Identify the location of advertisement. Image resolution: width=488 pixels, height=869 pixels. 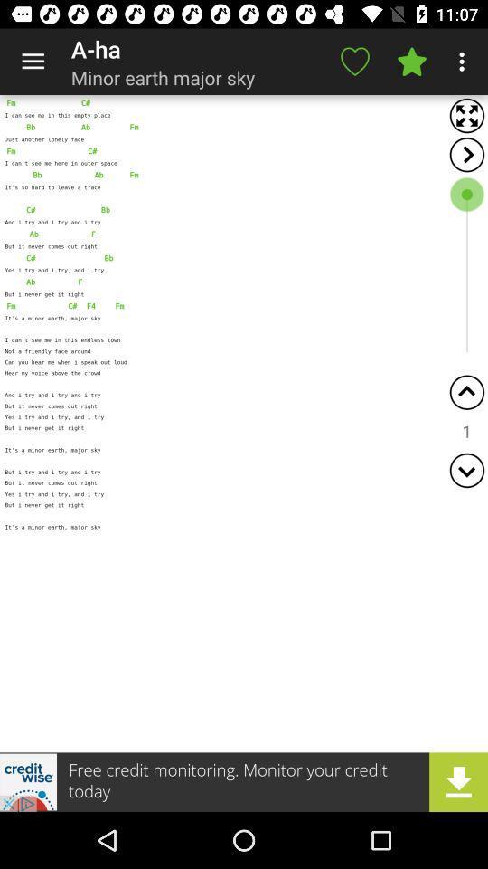
(244, 781).